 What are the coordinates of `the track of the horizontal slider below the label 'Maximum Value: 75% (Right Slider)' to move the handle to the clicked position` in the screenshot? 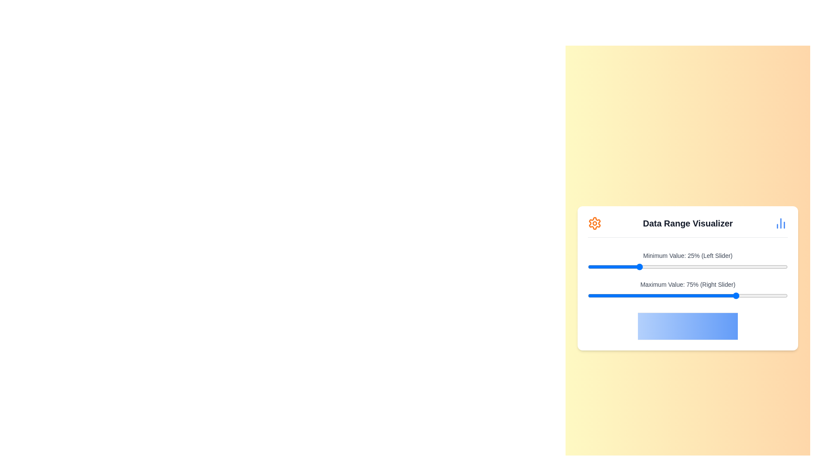 It's located at (687, 295).